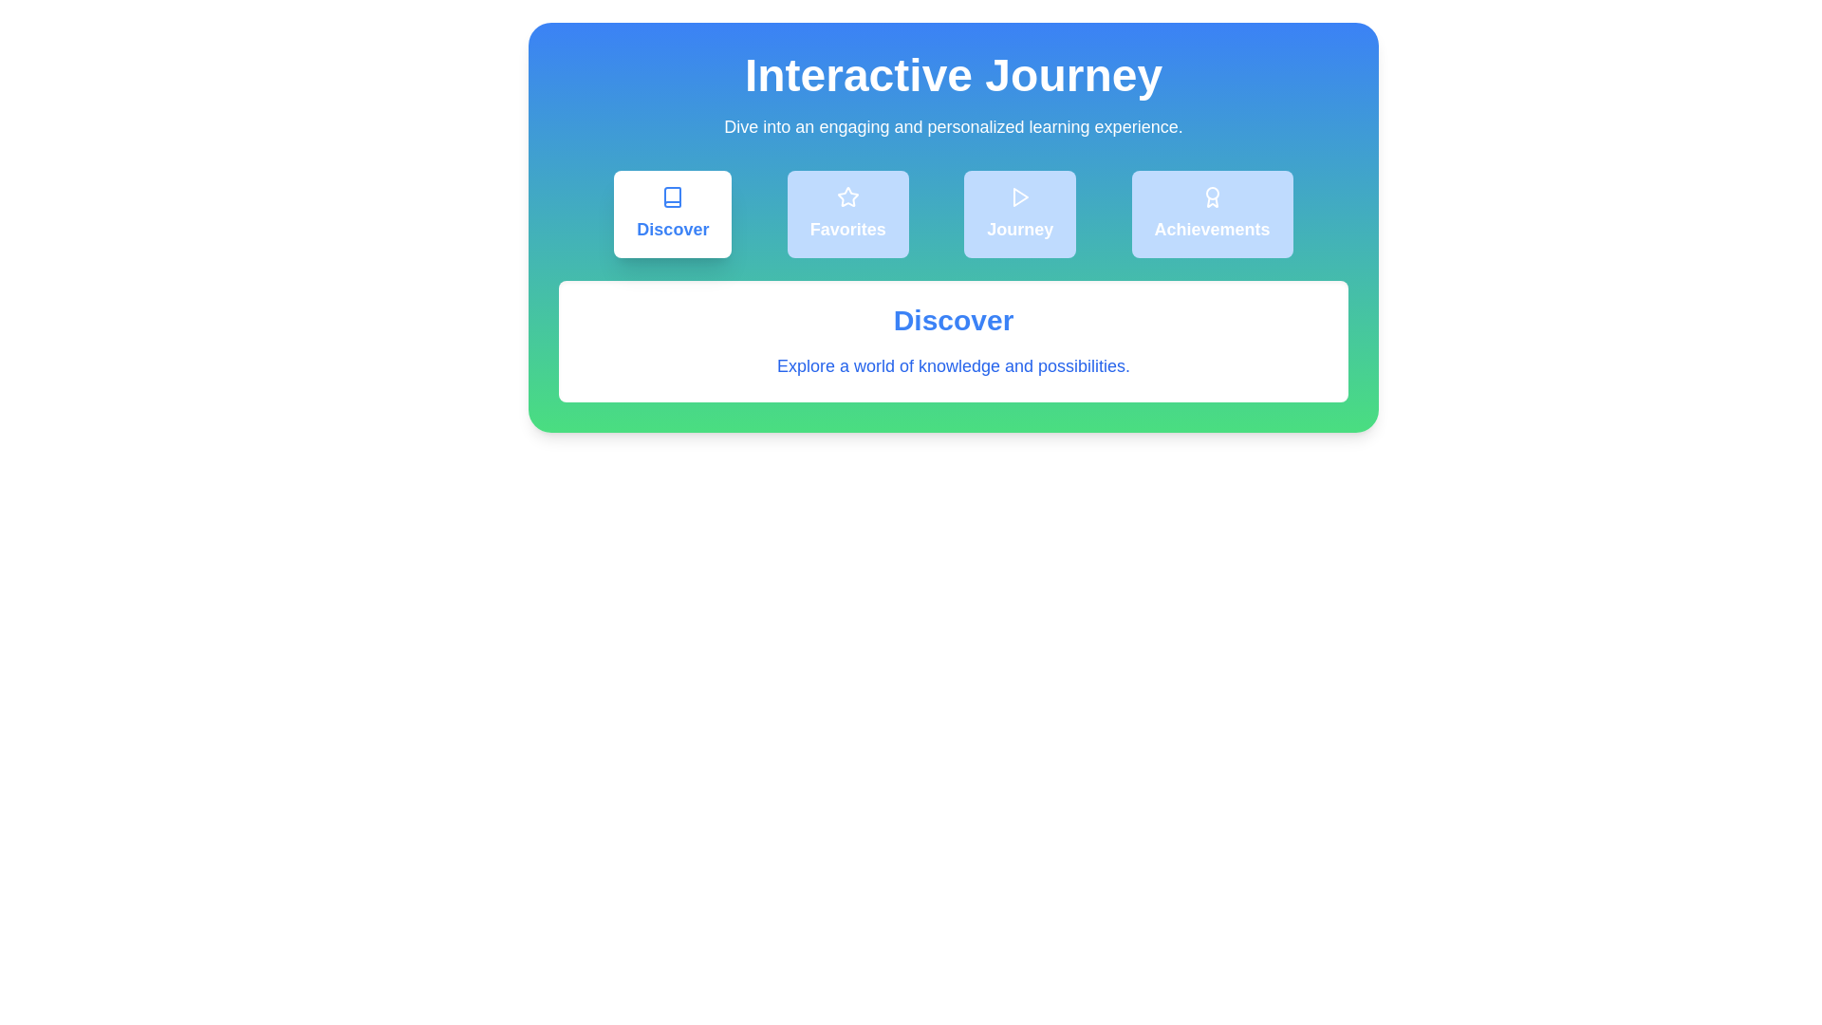  Describe the element at coordinates (1210, 214) in the screenshot. I see `the Achievements tab to view its content` at that location.